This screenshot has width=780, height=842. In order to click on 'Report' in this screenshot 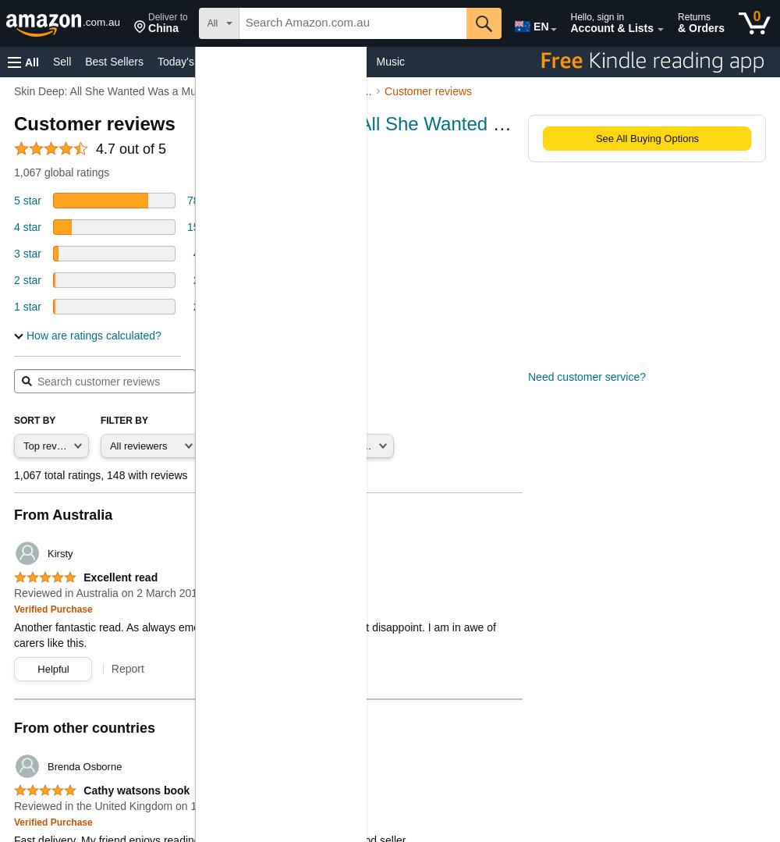, I will do `click(127, 669)`.